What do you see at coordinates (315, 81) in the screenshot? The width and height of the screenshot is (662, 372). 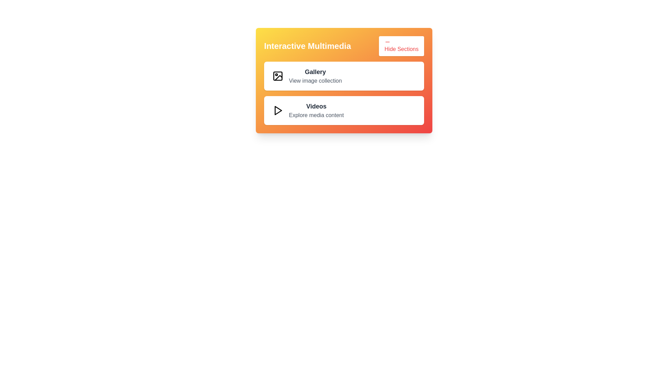 I see `the text label 'View image collection', which is styled in gray and located directly beneath the 'Gallery' heading in the 'Interactive Multimedia' section` at bounding box center [315, 81].